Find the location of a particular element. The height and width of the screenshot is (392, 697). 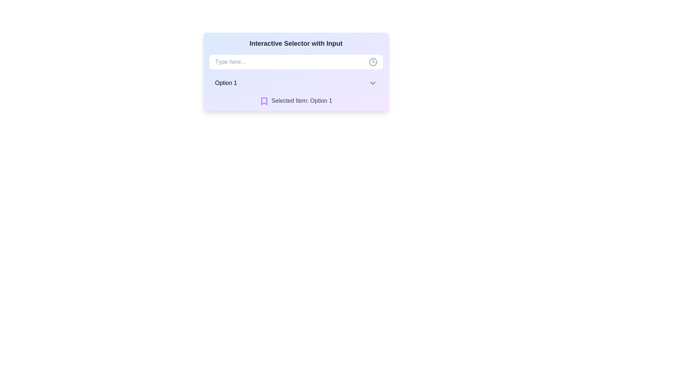

the icon that serves as a status indicator for 'Selected Item: Option 1', located to the left of the text label is located at coordinates (264, 101).